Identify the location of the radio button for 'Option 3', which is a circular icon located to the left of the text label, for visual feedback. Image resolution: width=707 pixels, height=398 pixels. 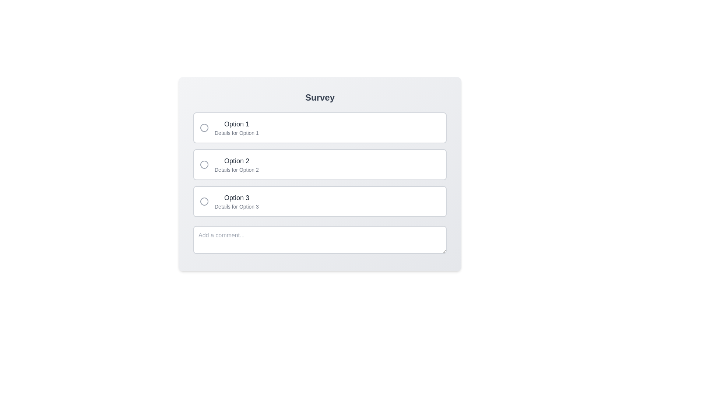
(204, 202).